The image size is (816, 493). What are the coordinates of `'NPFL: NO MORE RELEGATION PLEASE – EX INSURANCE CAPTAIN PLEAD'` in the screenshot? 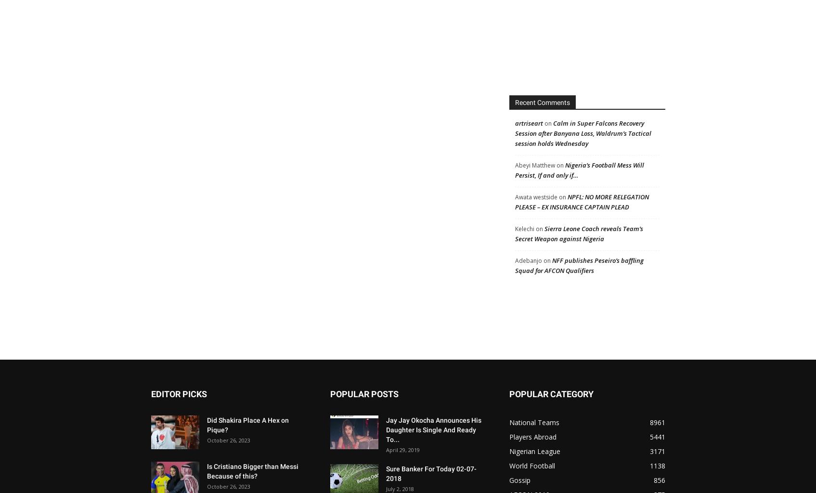 It's located at (582, 201).